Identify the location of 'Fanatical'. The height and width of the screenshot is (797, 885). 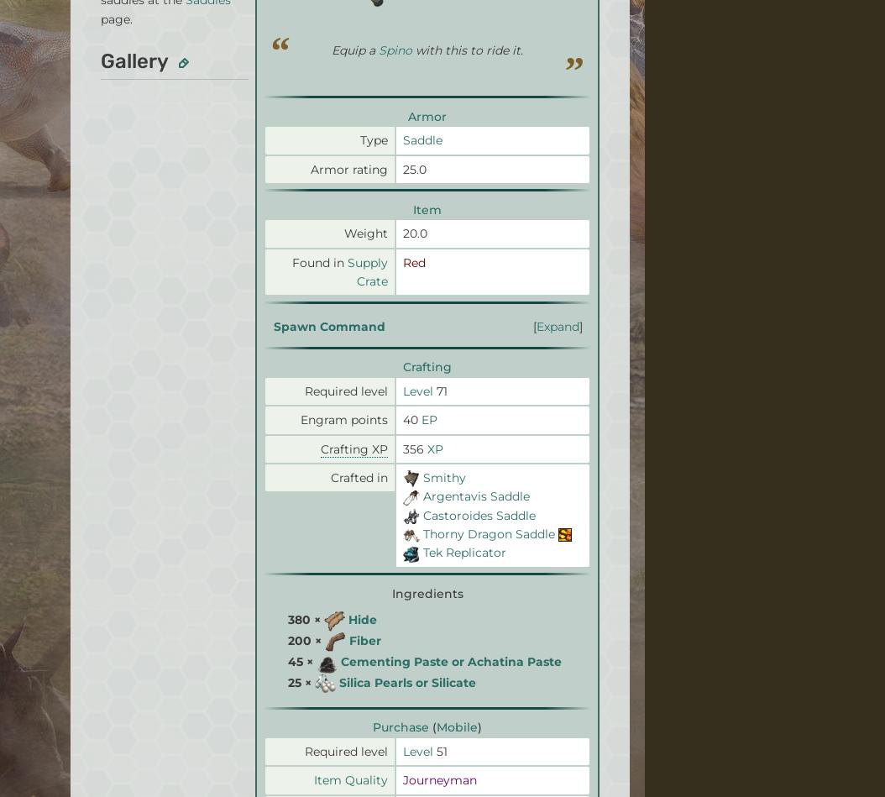
(387, 40).